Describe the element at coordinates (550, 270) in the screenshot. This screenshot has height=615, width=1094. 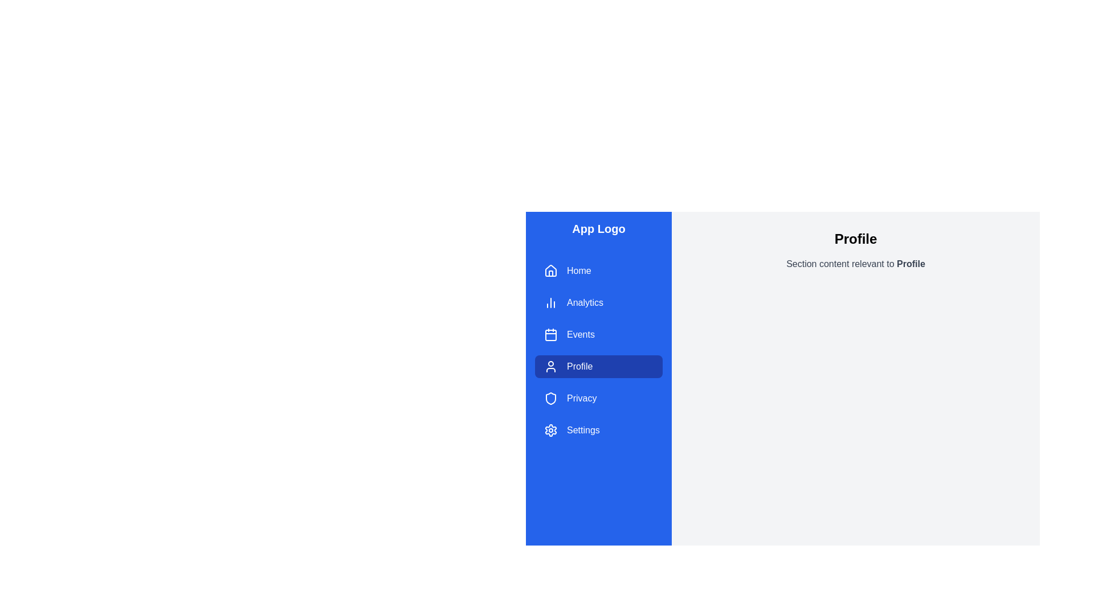
I see `the house-shaped icon in the sidebar navigation` at that location.